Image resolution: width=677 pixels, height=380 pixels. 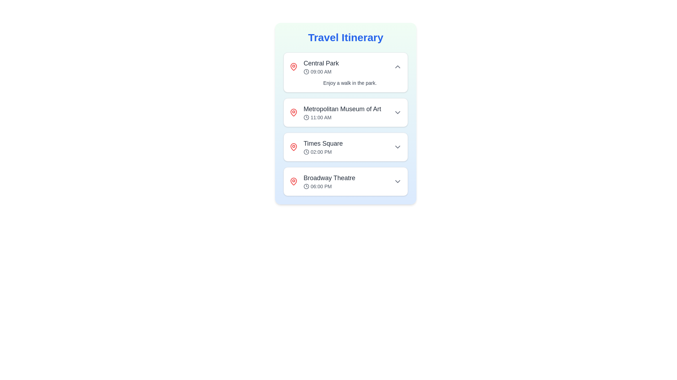 I want to click on the text block displaying 'Broadway Theatre' with the associated clock icon, which is the fourth list item in the 'Travel Itinerary' panel, so click(x=329, y=181).